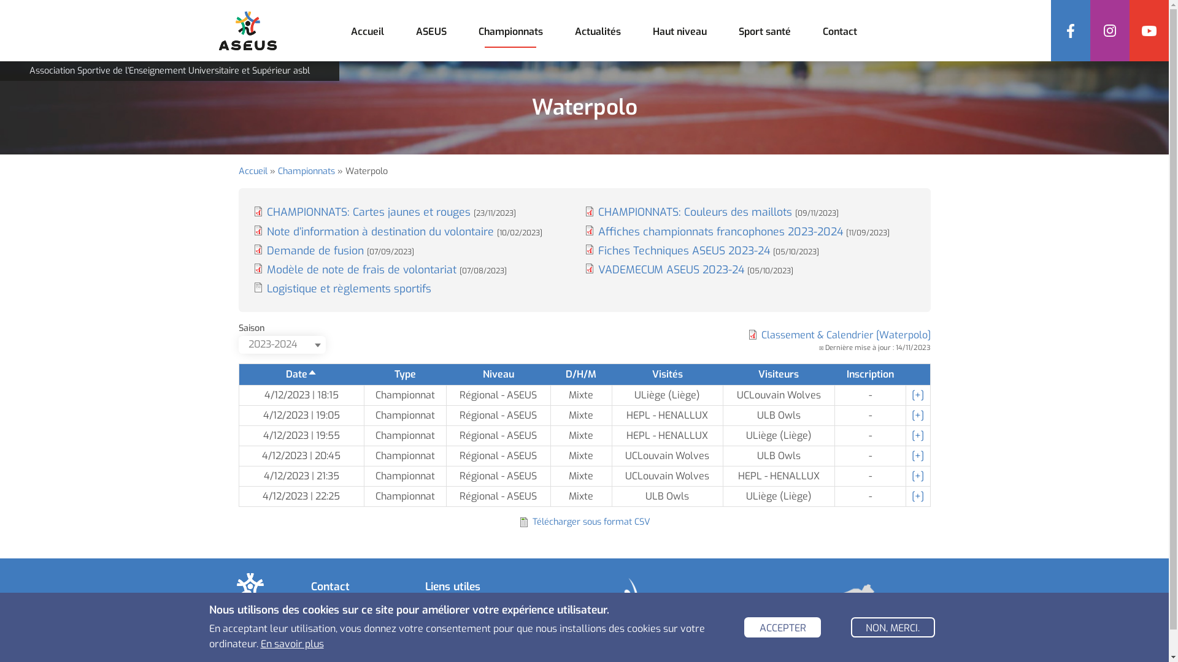 The height and width of the screenshot is (662, 1178). Describe the element at coordinates (405, 373) in the screenshot. I see `'Type'` at that location.